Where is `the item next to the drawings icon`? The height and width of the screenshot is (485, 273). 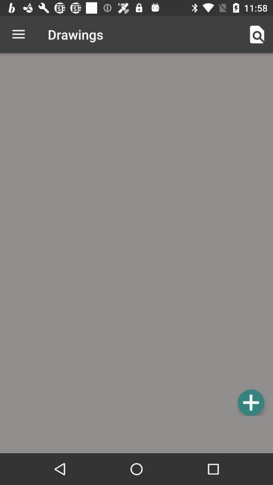
the item next to the drawings icon is located at coordinates (18, 34).